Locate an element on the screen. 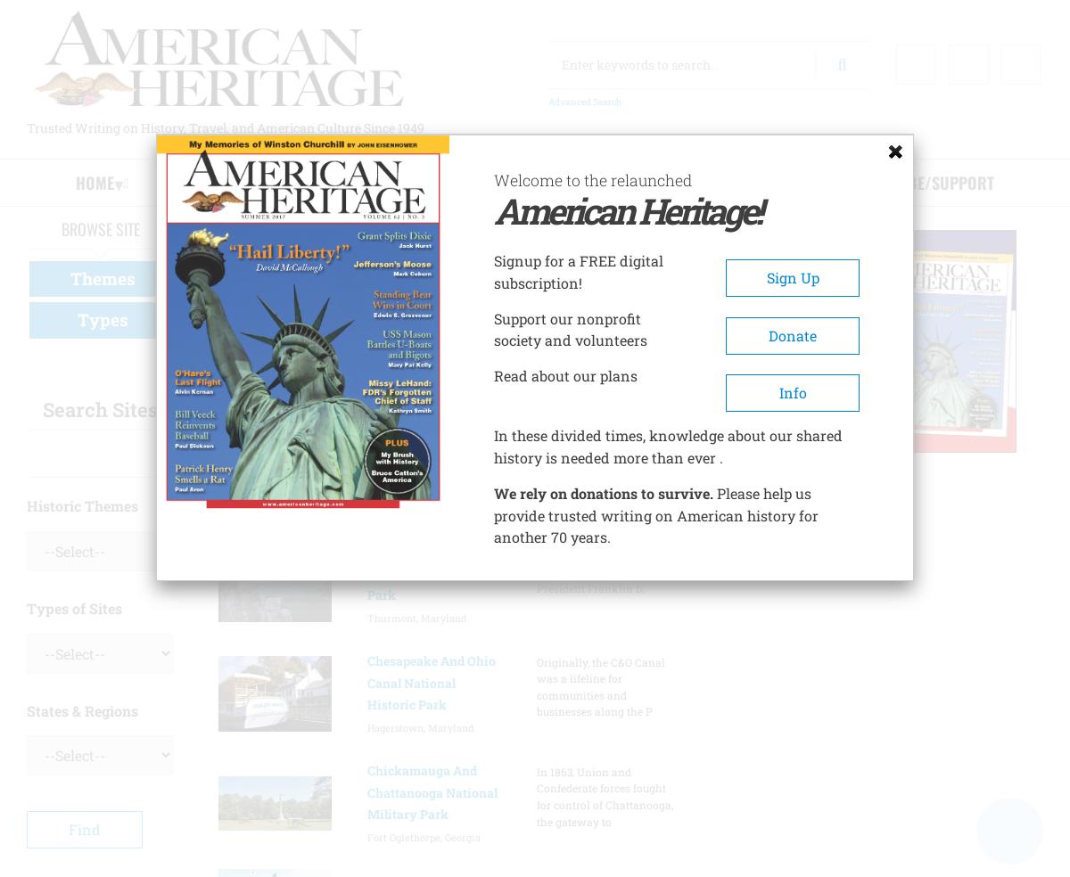  'Sign Up' is located at coordinates (791, 276).